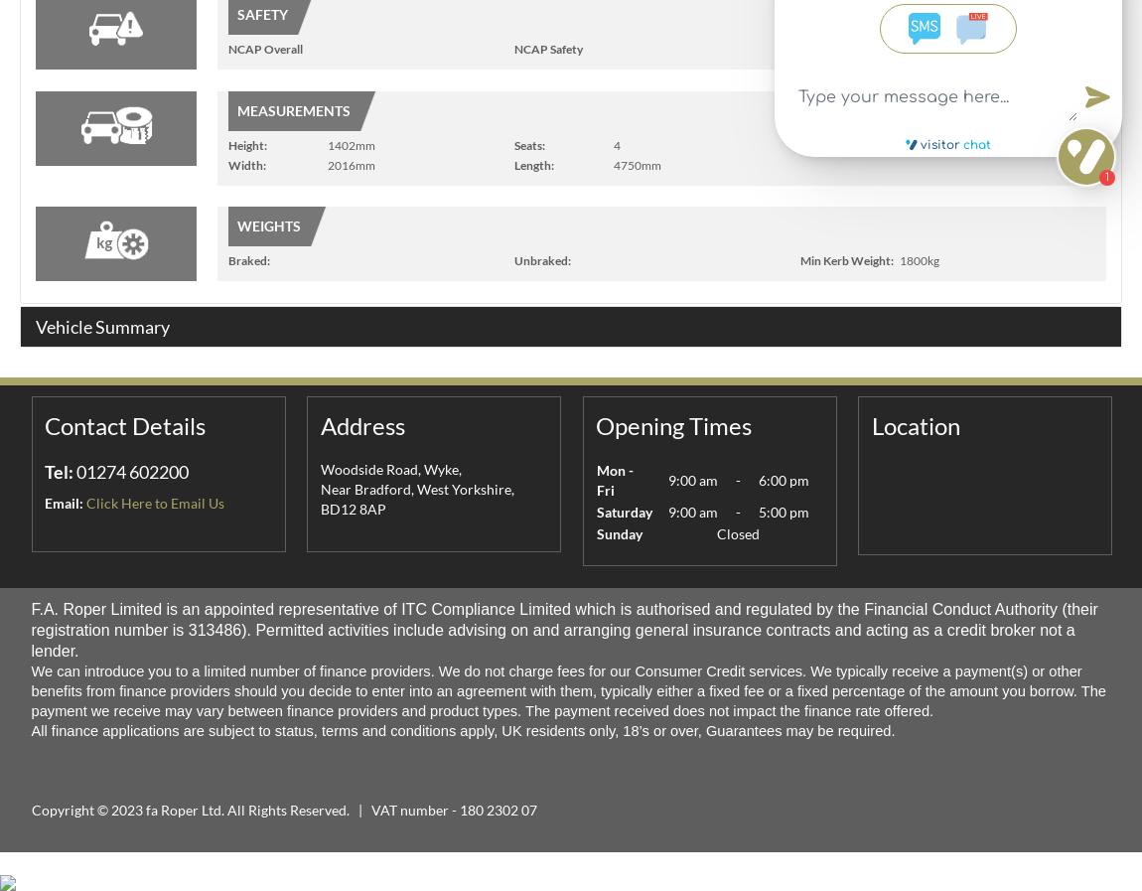 This screenshot has width=1142, height=891. I want to click on 'We can introduce you to a limited number of finance providers. We do not charge fees for our Consumer Credit services. We typically receive a payment(s) or other benefits from finance providers should you decide to enter into an agreement with them, typically either a fixed fee or a fixed percentage of the amount you borrow. The payment we receive may vary between finance providers and product types. The payment received does not impact the finance rate offered.', so click(568, 690).